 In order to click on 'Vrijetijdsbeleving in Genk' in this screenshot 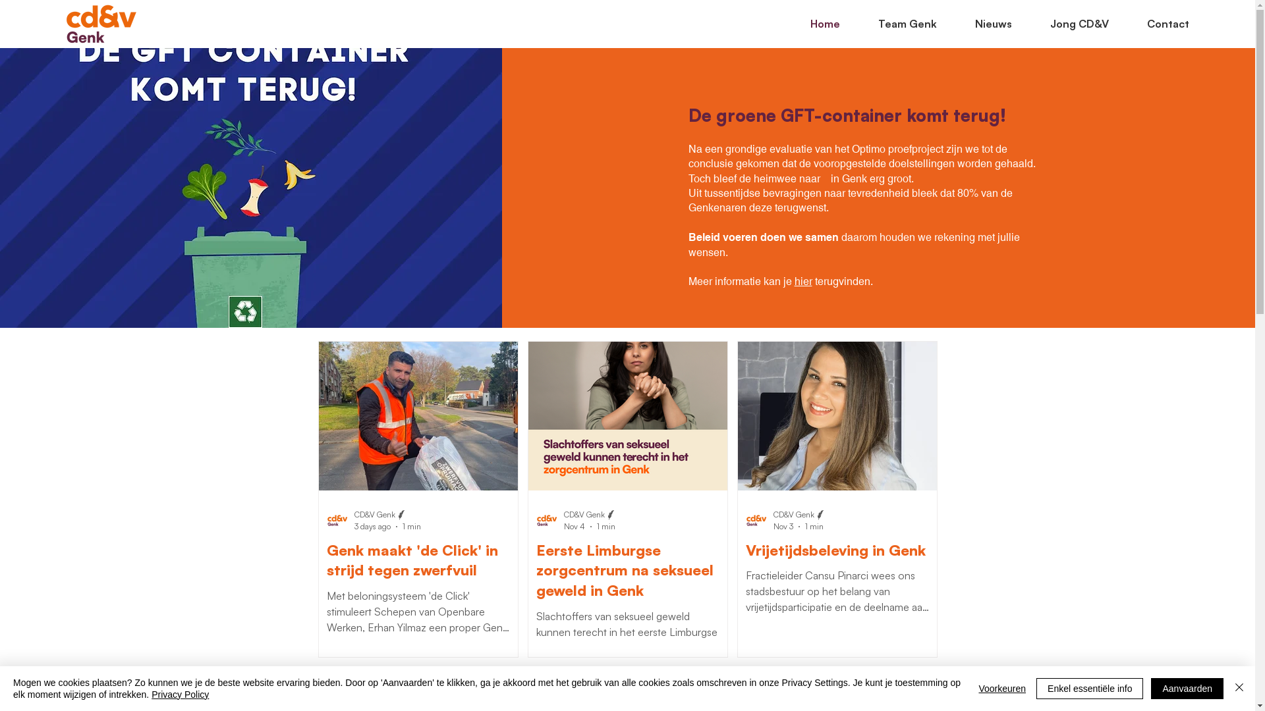, I will do `click(837, 550)`.